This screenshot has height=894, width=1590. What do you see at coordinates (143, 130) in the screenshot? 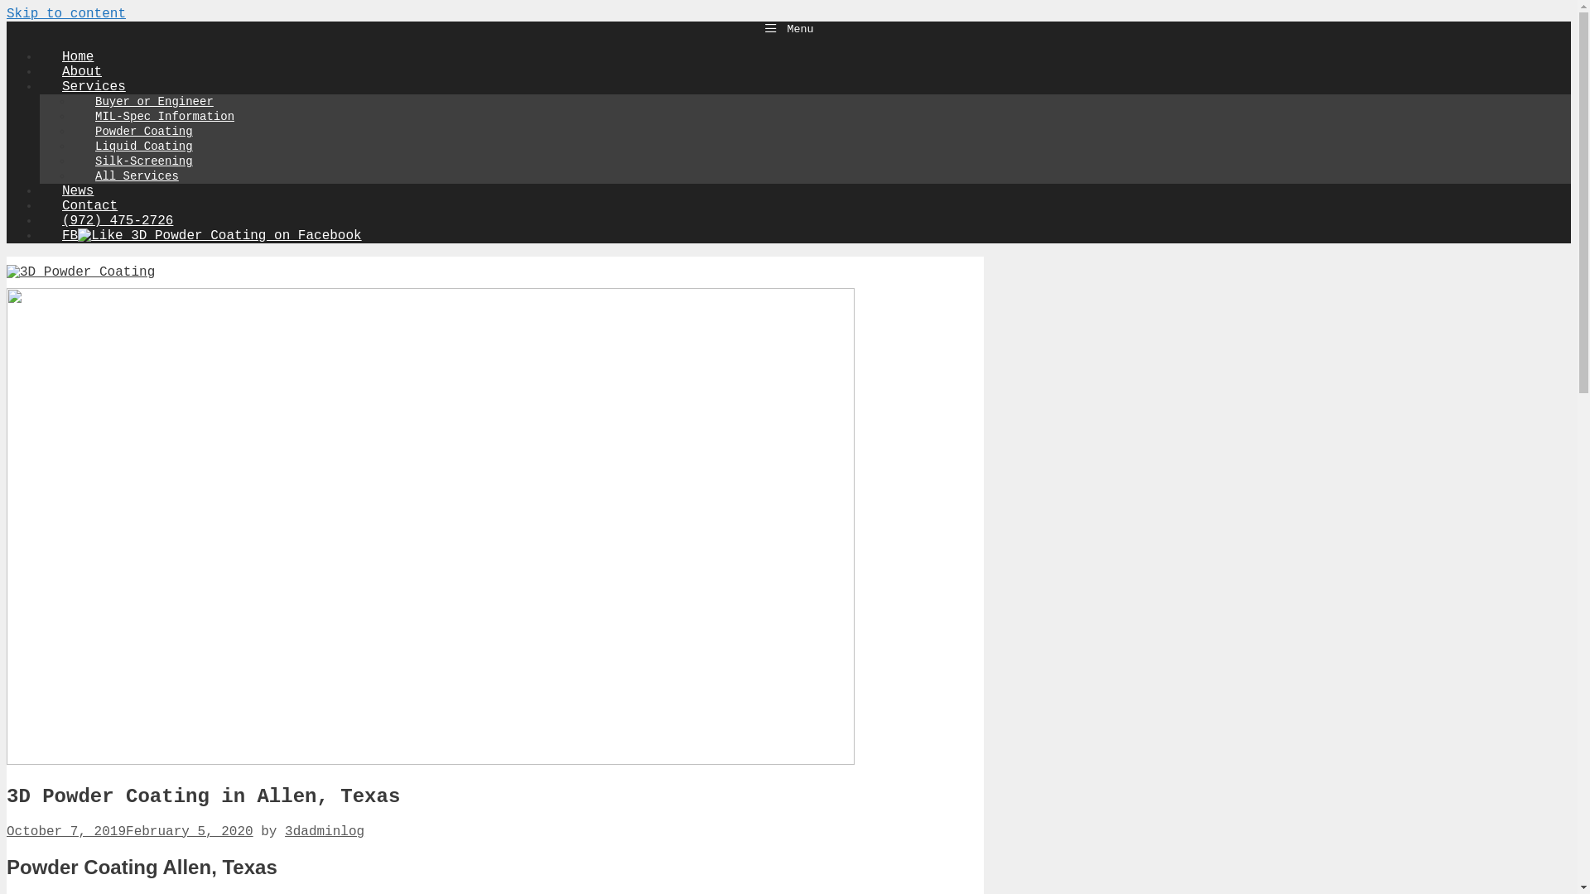
I see `'Powder Coating'` at bounding box center [143, 130].